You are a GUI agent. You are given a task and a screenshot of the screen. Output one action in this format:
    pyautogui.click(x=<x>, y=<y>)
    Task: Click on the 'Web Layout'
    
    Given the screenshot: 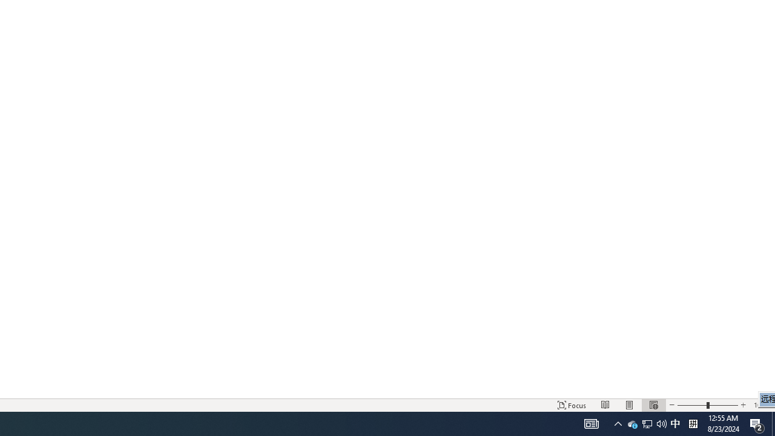 What is the action you would take?
    pyautogui.click(x=653, y=405)
    